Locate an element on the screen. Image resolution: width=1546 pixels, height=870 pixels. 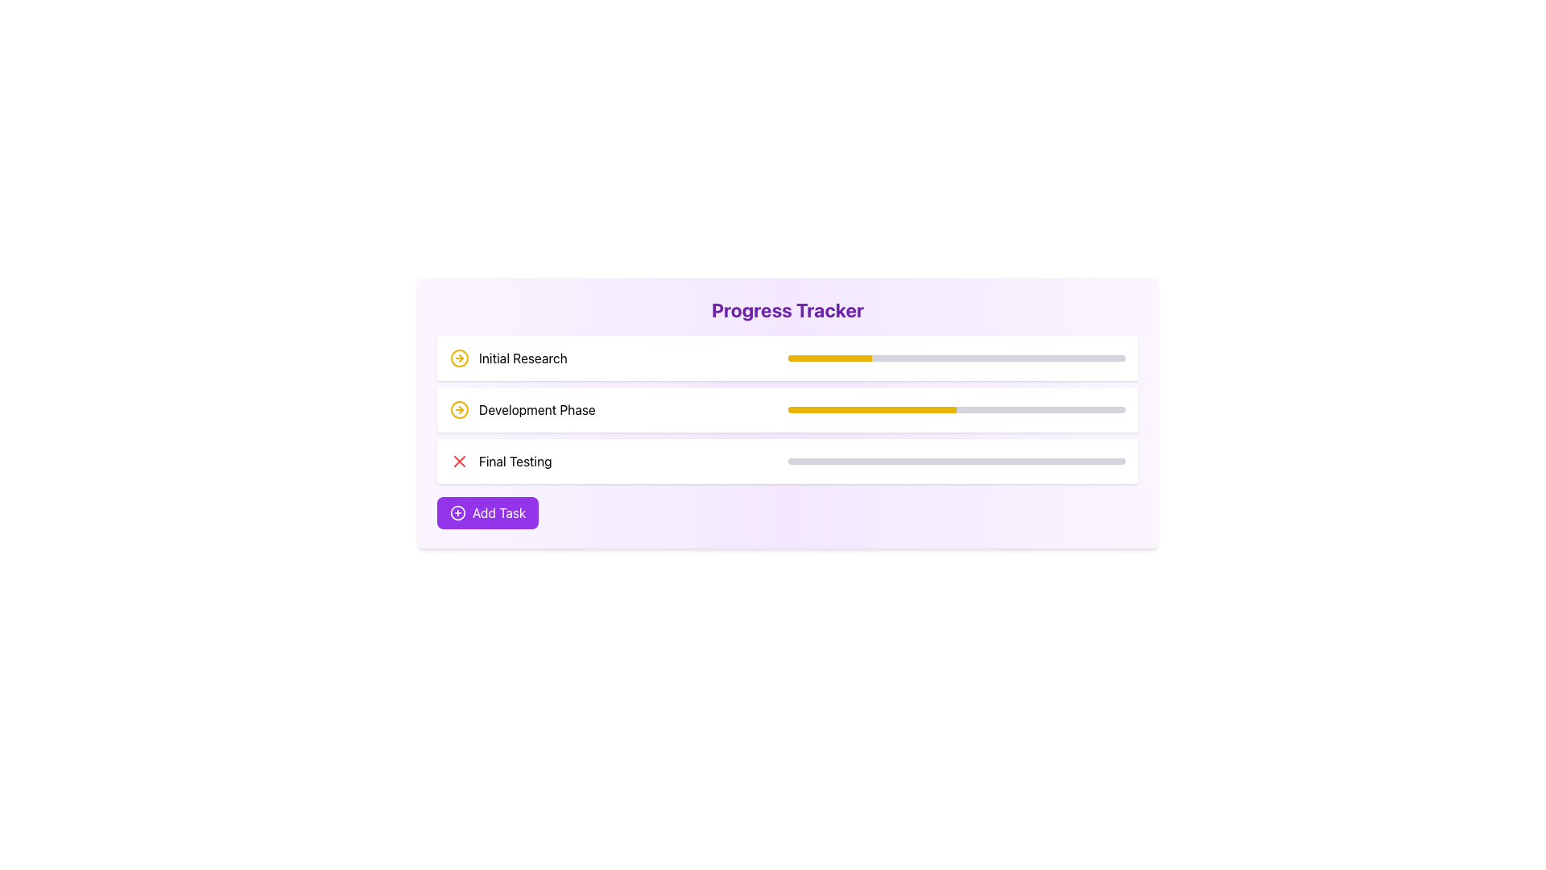
the progress indicator element that visually represents 25% completion status in the 'Initial Research' section of the progress tracker interface is located at coordinates (829, 357).